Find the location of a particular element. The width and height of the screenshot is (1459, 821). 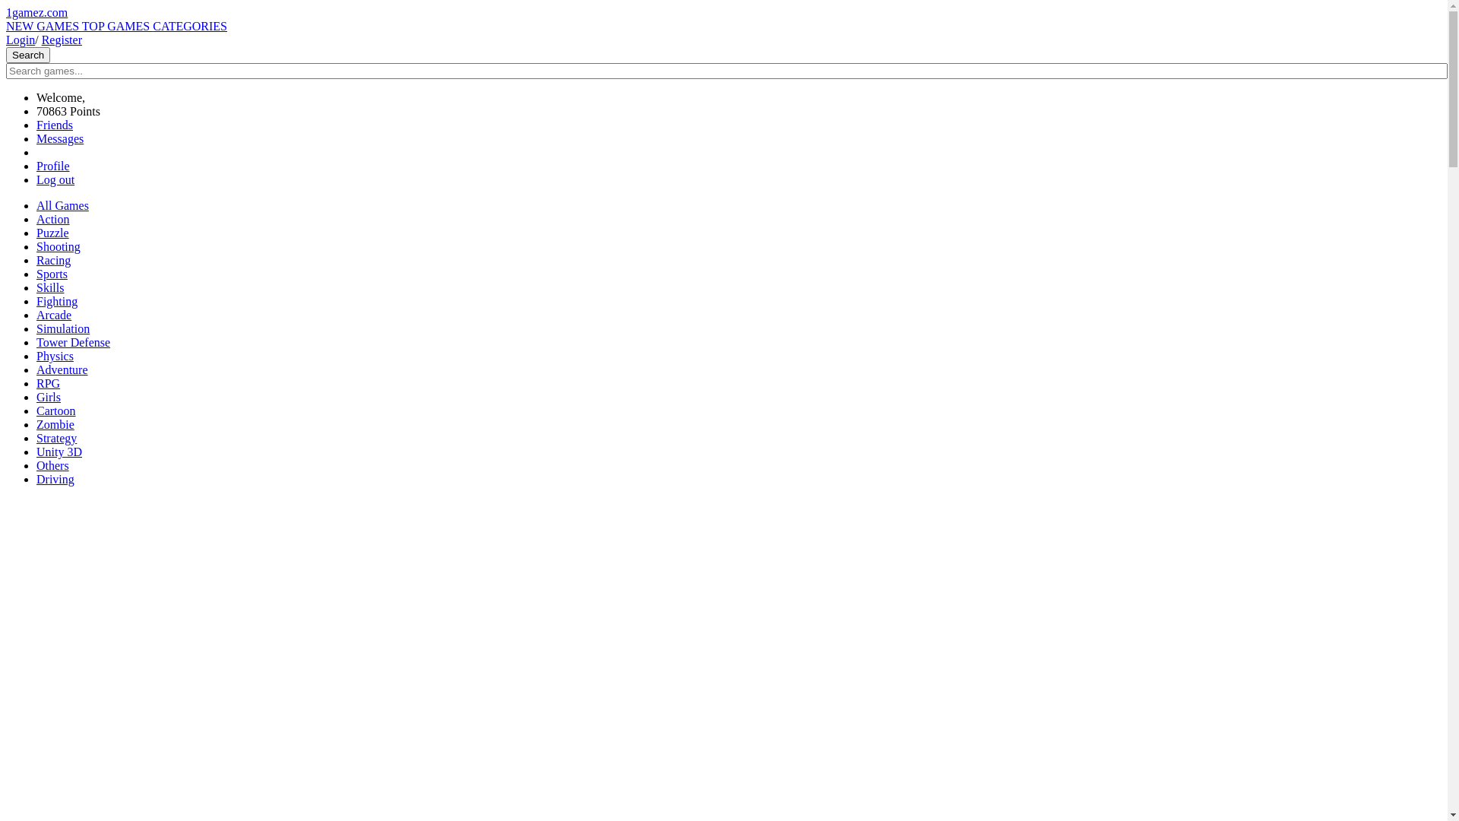

'Adventure' is located at coordinates (61, 369).